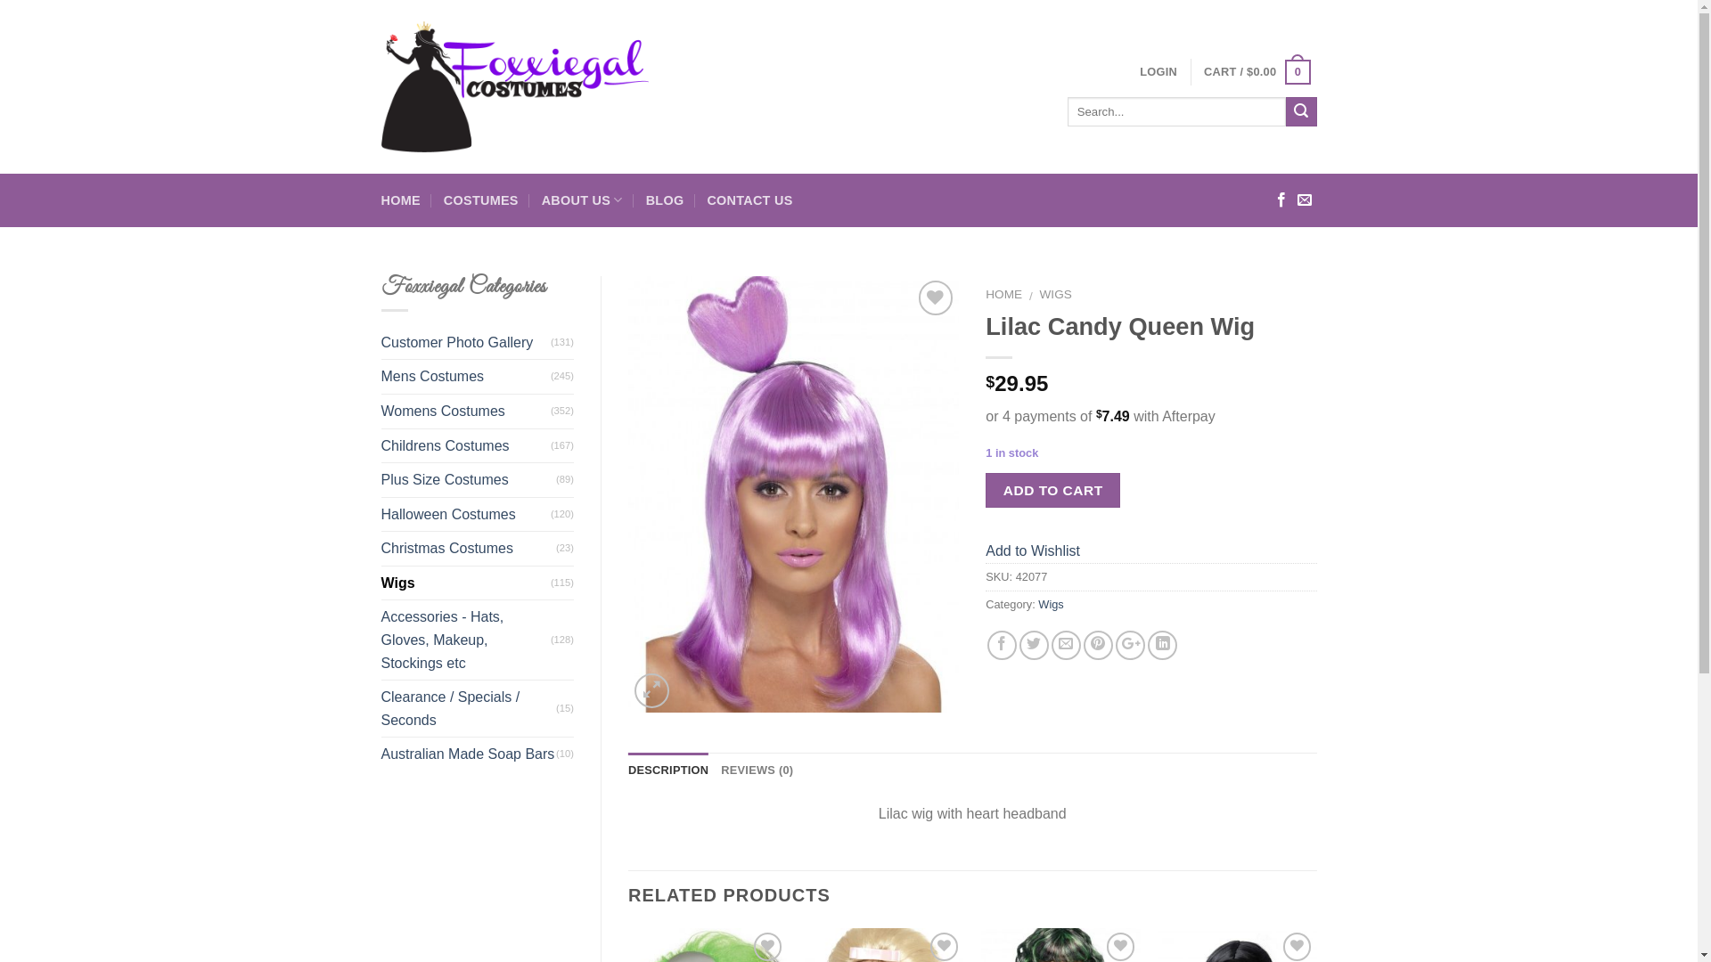 The height and width of the screenshot is (962, 1711). I want to click on 'LOGIN', so click(1158, 71).